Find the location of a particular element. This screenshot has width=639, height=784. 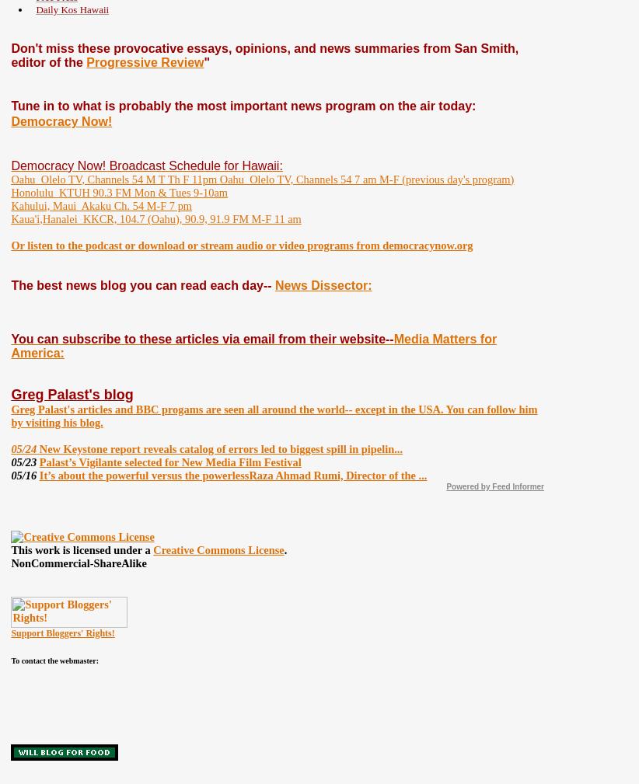

'KKCR, 104.7 (Oahu), 90.9, 91.9 FM
M-F 11 am' is located at coordinates (188, 218).